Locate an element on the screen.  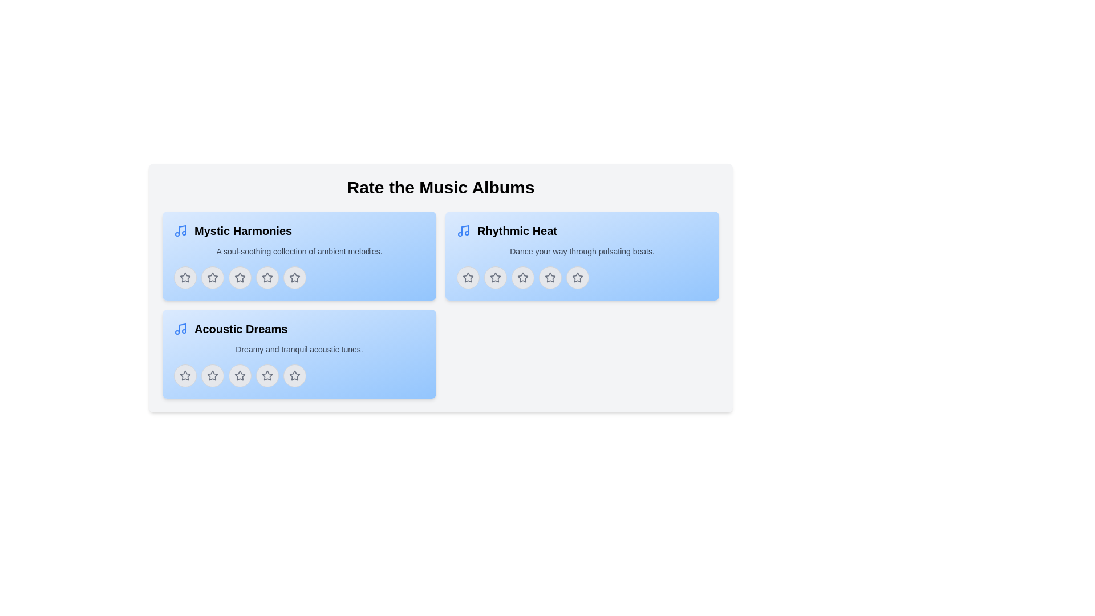
the circular button with a light gray background and a star icon is located at coordinates (495, 277).